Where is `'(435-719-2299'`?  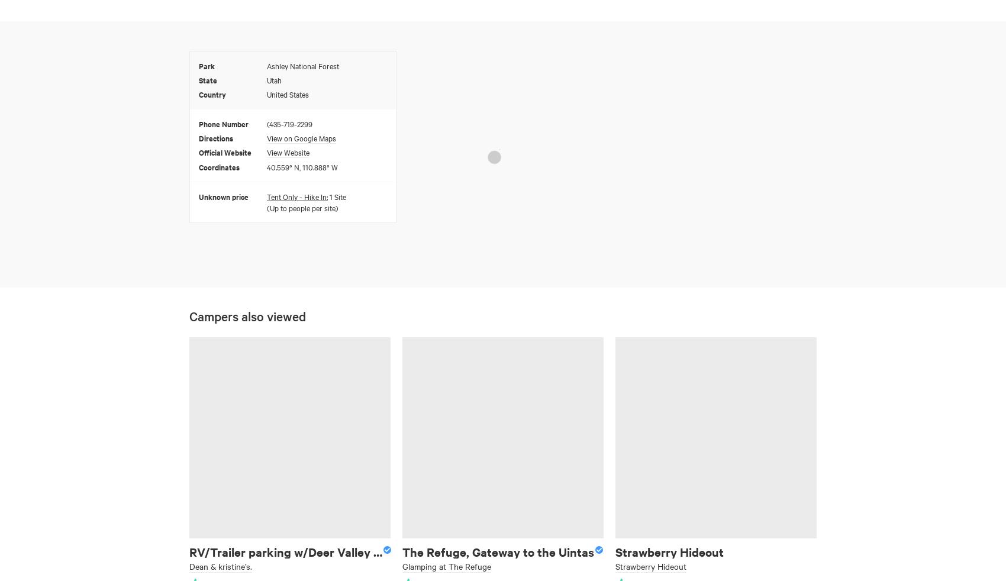
'(435-719-2299' is located at coordinates (289, 122).